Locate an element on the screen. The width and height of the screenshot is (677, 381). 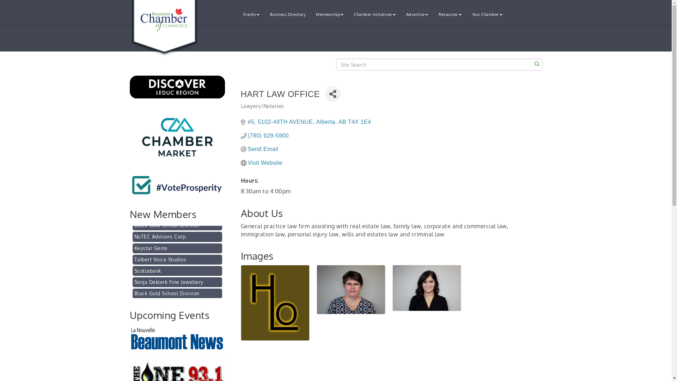
'(780) 929-5900' is located at coordinates (267, 135).